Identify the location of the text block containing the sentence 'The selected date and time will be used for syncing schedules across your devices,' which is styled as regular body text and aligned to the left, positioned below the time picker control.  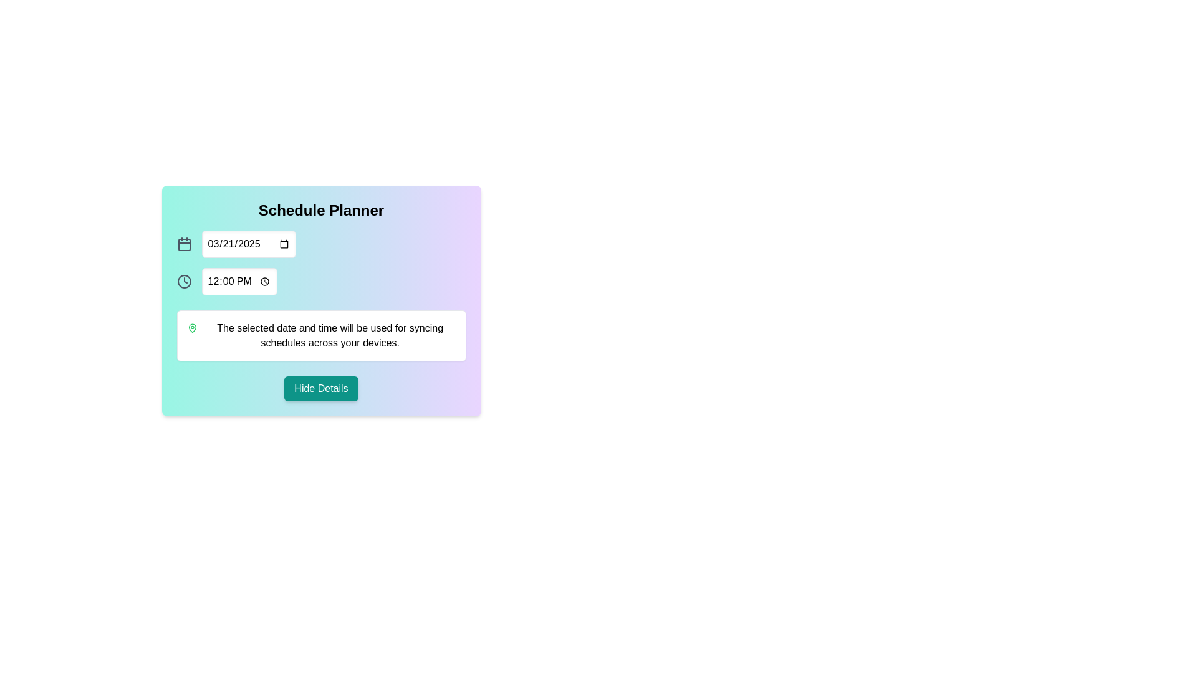
(330, 335).